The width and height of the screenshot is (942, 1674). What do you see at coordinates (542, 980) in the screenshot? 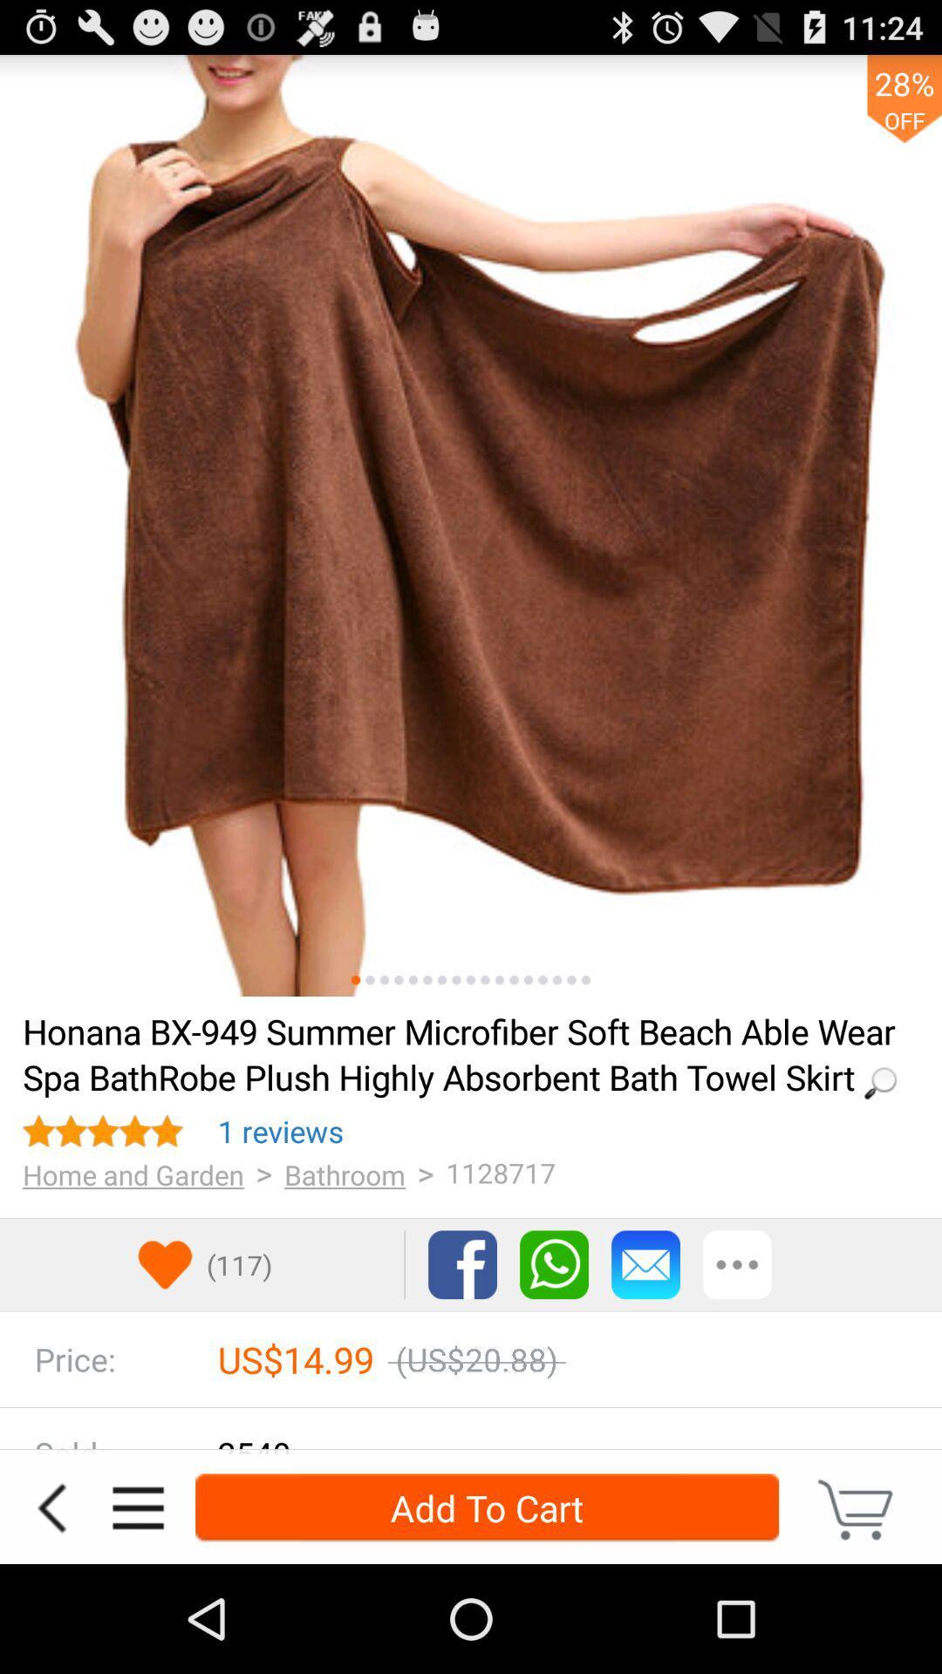
I see `scroll next image` at bounding box center [542, 980].